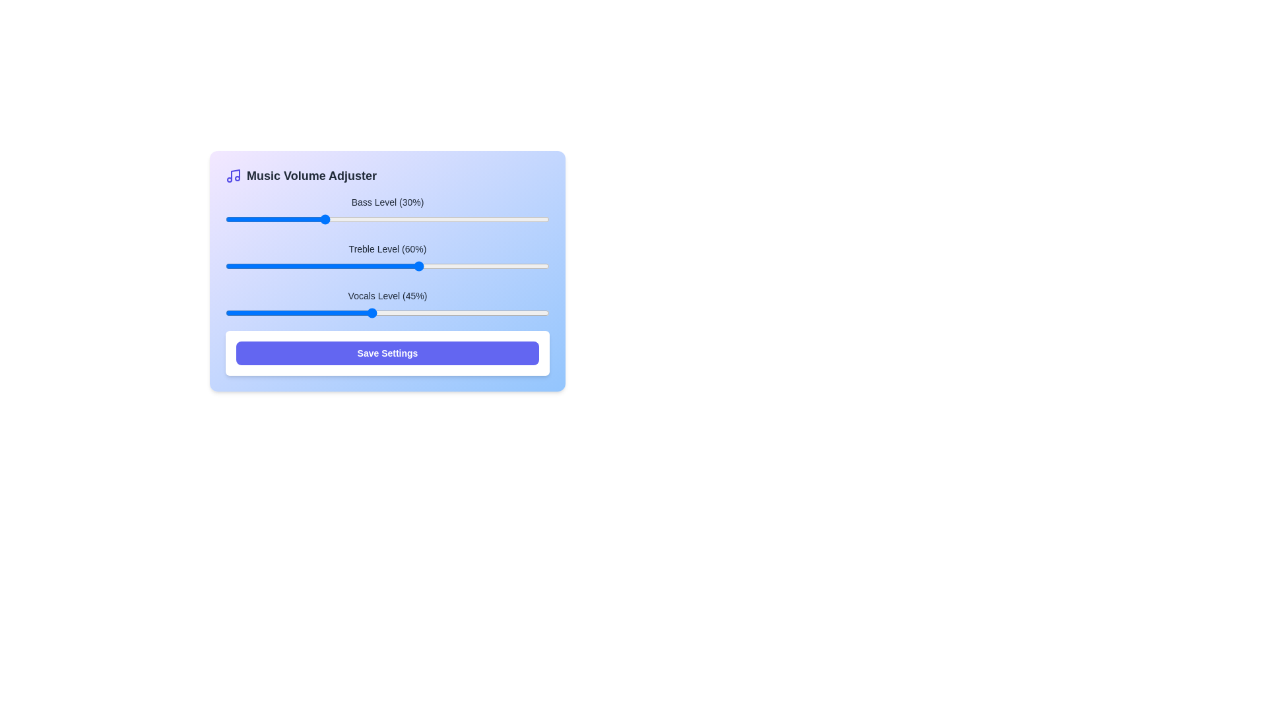 Image resolution: width=1267 pixels, height=712 pixels. Describe the element at coordinates (387, 270) in the screenshot. I see `the 'Treble Level (60%)' slider input component` at that location.